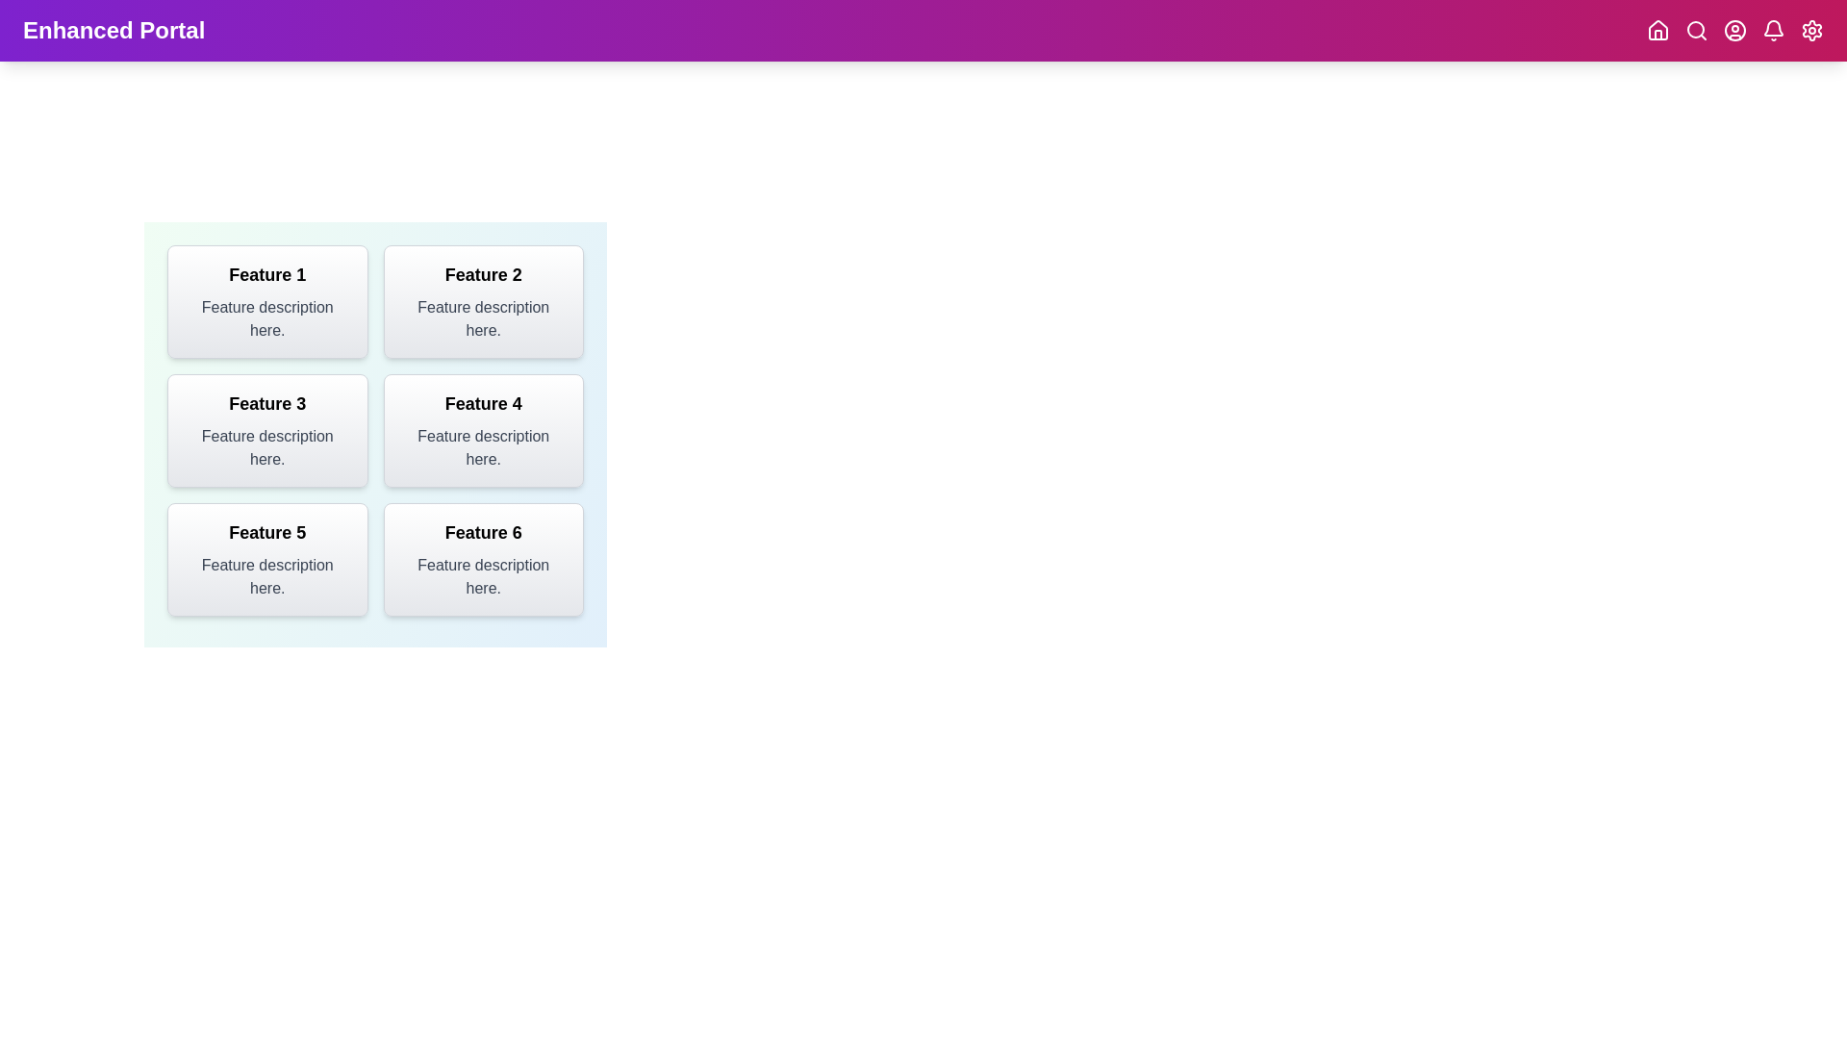  Describe the element at coordinates (1657, 30) in the screenshot. I see `the Home navigation icon` at that location.